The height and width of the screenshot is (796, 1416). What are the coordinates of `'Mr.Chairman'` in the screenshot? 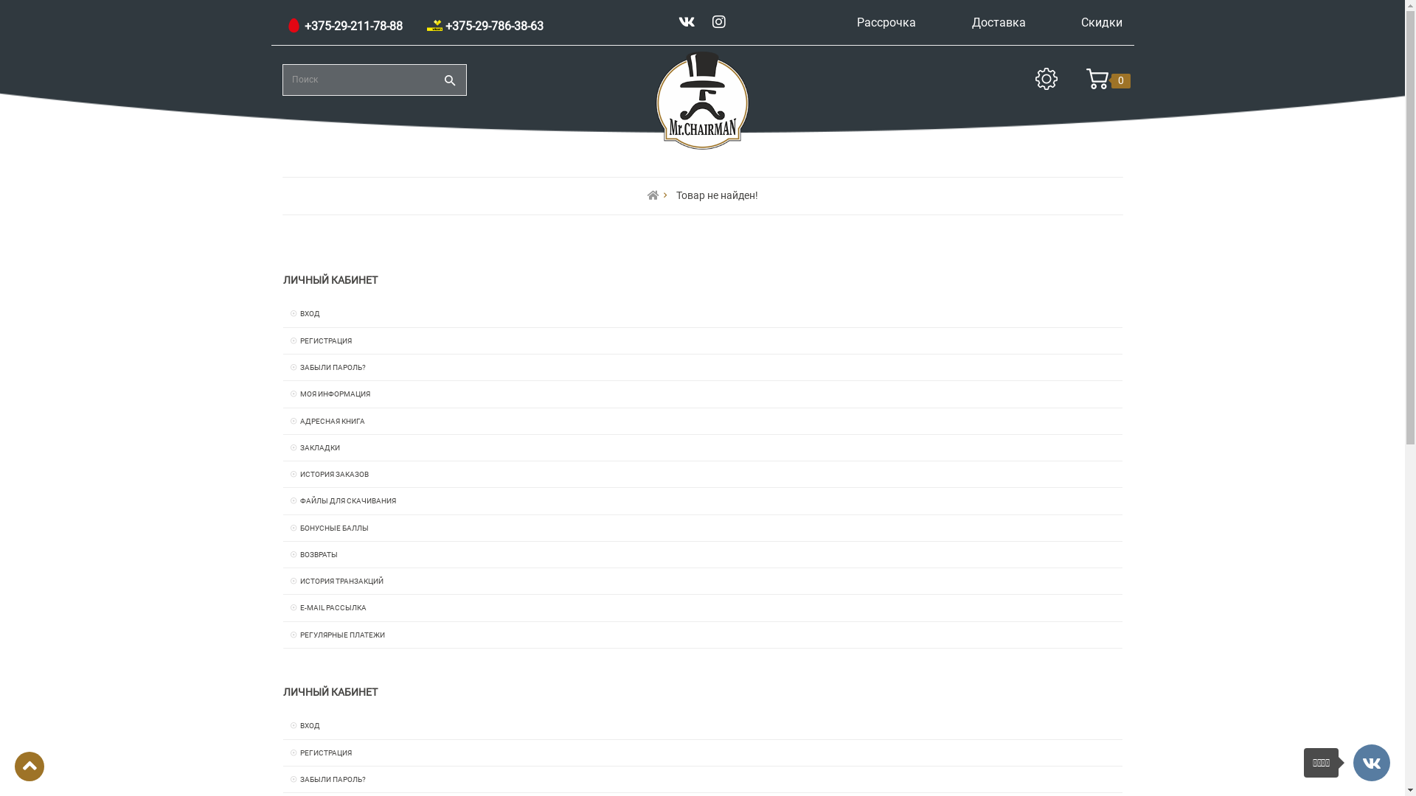 It's located at (653, 99).